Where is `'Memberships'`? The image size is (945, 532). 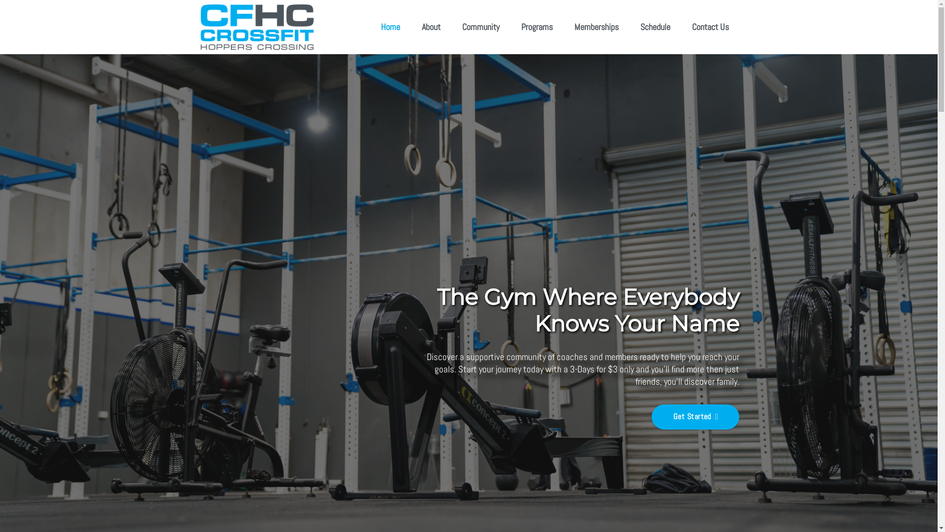
'Memberships' is located at coordinates (596, 26).